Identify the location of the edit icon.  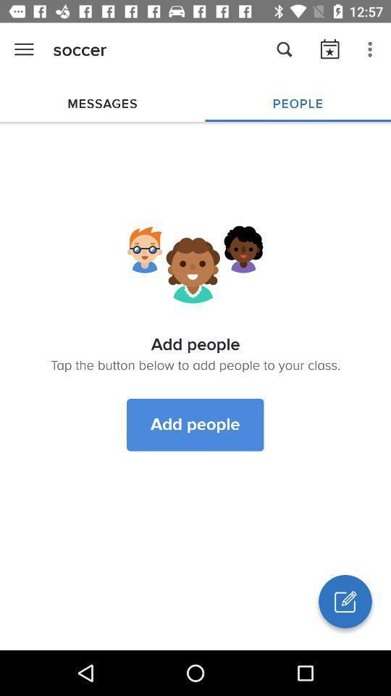
(344, 601).